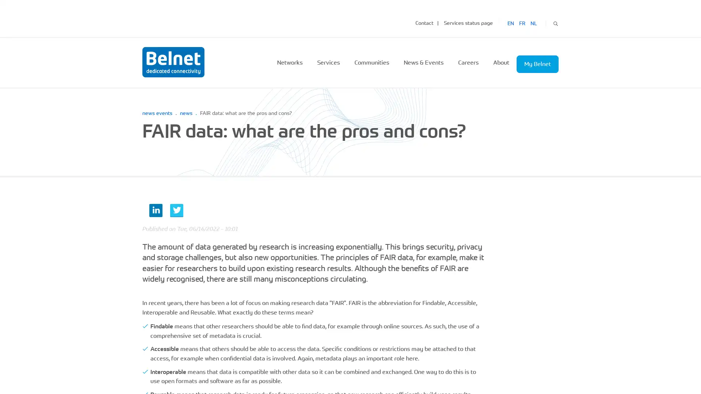  What do you see at coordinates (555, 22) in the screenshot?
I see `Search` at bounding box center [555, 22].